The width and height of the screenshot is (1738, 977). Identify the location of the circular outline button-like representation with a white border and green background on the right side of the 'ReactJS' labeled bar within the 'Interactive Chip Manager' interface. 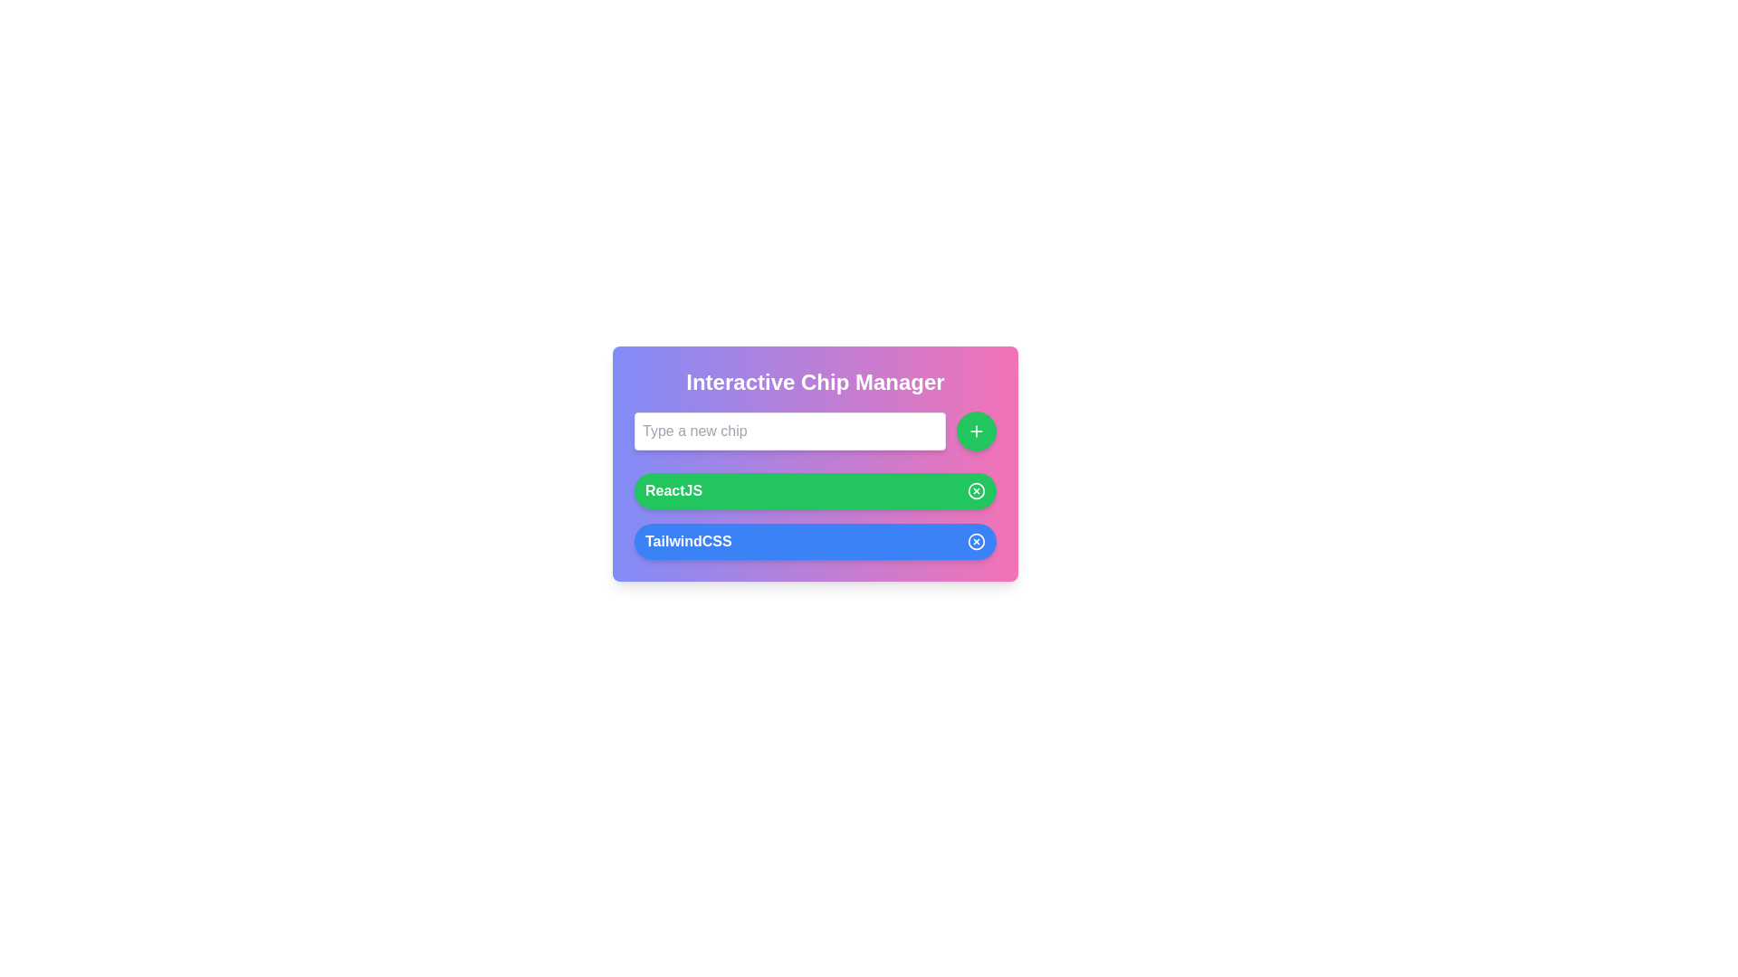
(976, 491).